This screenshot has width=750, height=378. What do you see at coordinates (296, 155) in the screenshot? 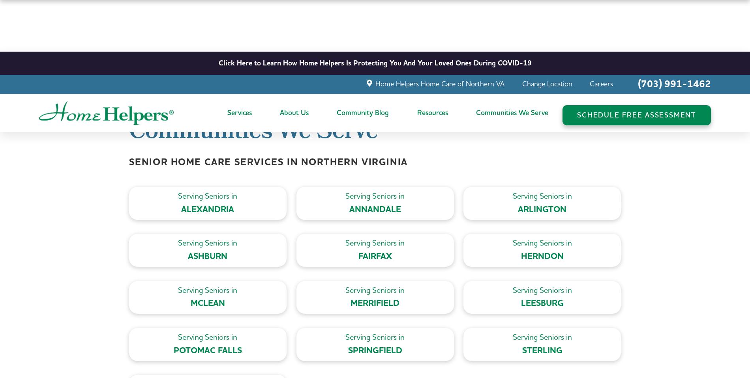
I see `'Our Videos'` at bounding box center [296, 155].